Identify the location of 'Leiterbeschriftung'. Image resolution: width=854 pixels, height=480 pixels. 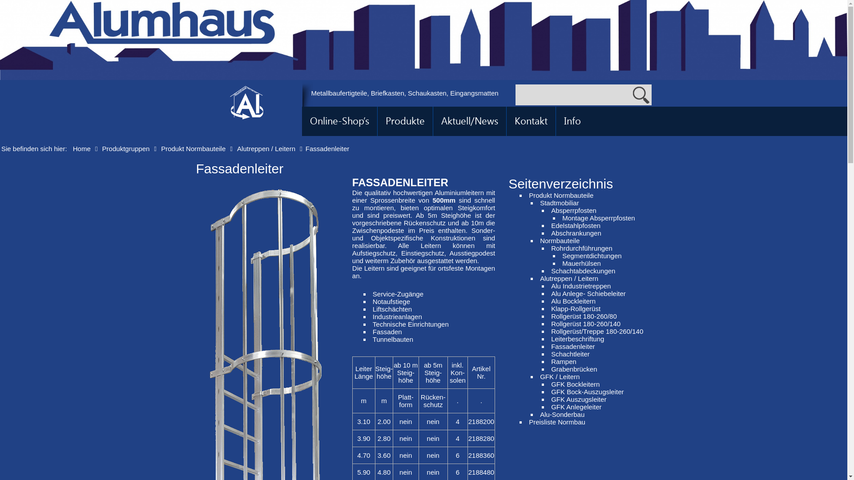
(577, 339).